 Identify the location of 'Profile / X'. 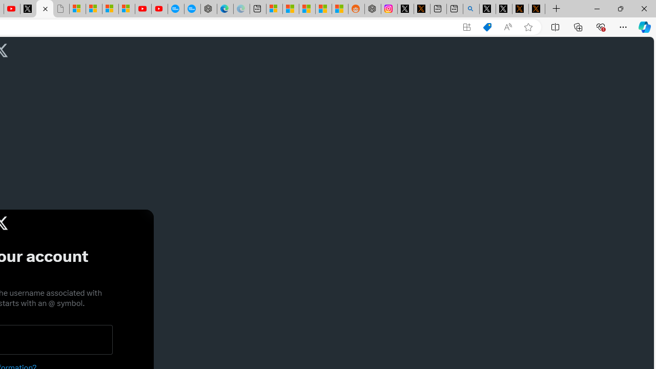
(487, 9).